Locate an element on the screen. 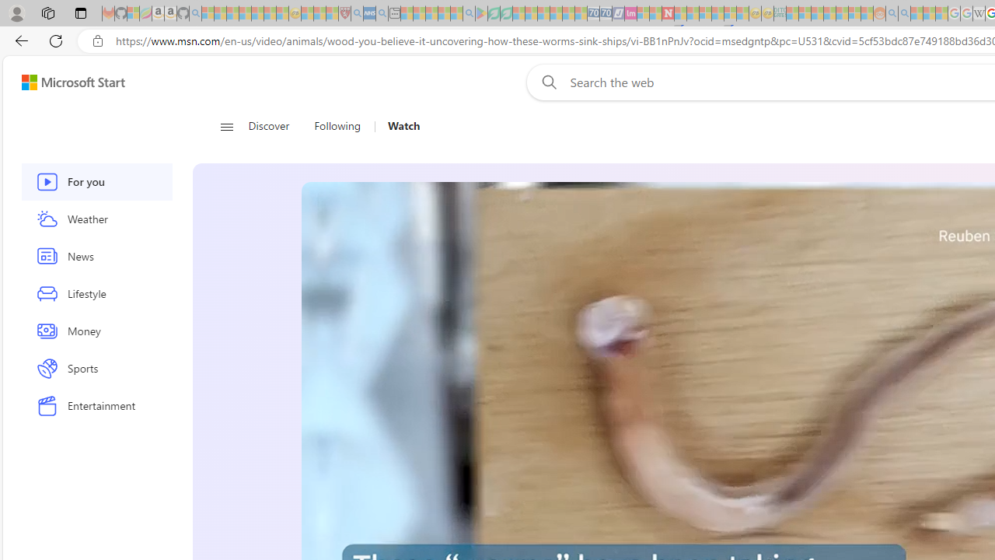  'Terms of Use Agreement - Sleeping' is located at coordinates (493, 13).